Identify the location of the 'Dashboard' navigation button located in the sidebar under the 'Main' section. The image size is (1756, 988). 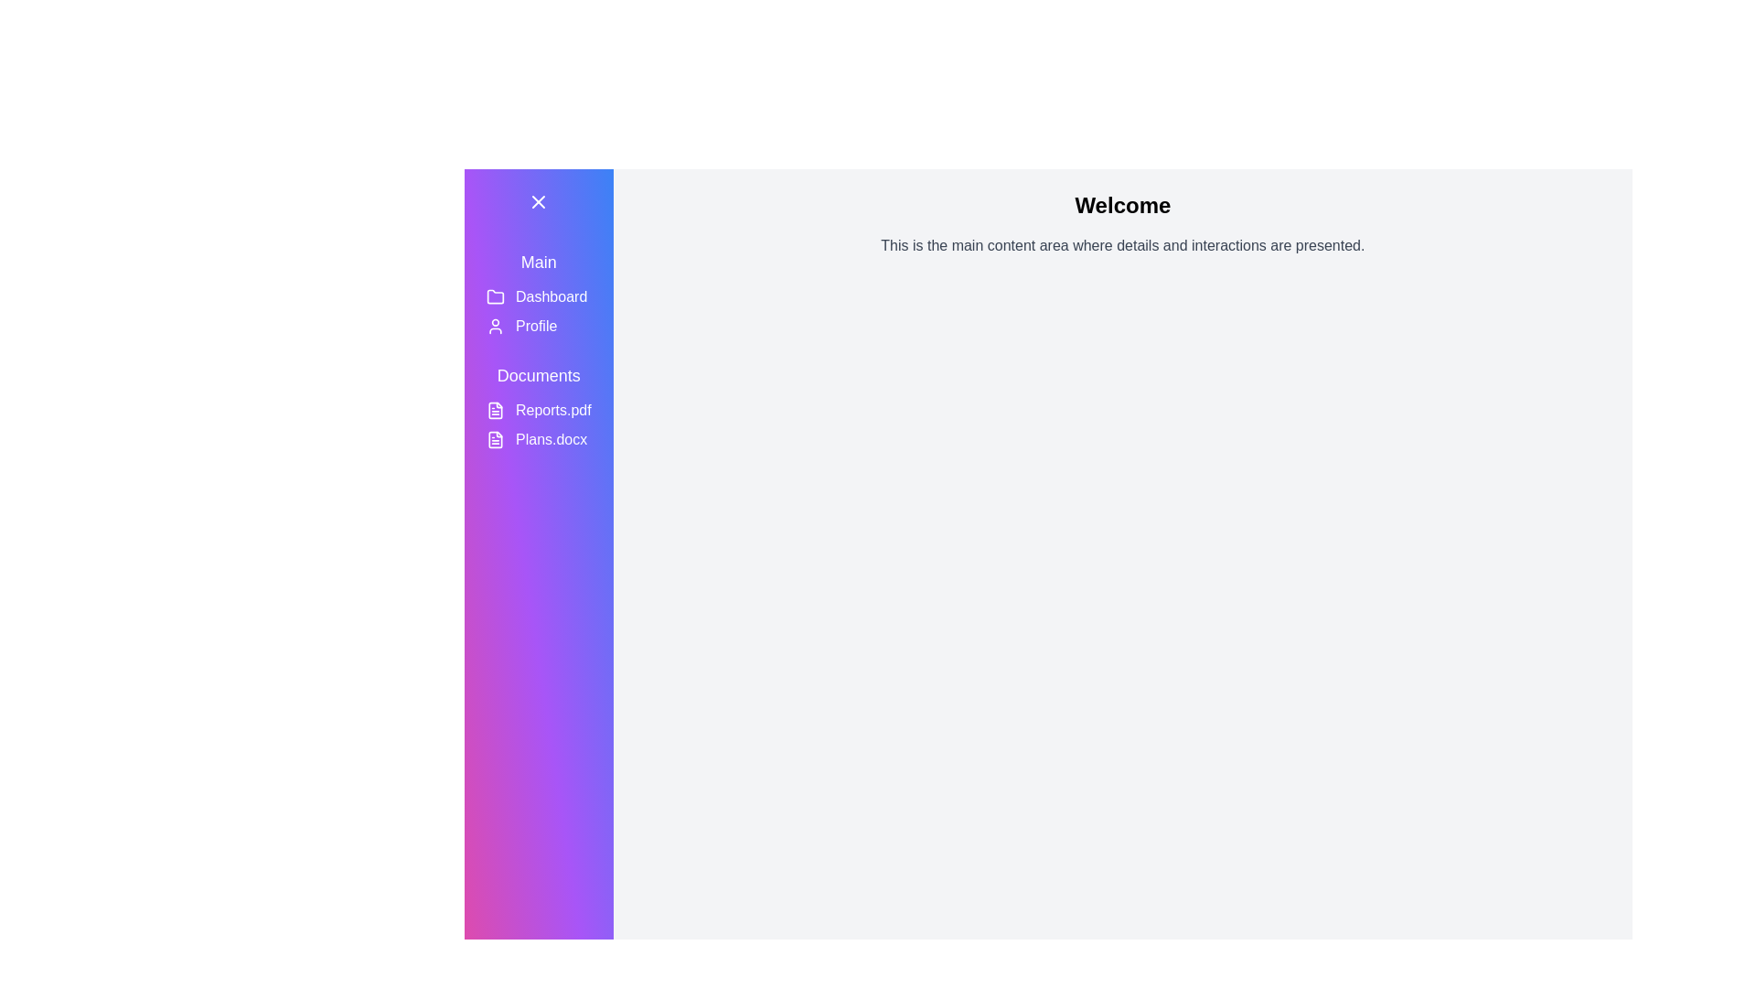
(538, 295).